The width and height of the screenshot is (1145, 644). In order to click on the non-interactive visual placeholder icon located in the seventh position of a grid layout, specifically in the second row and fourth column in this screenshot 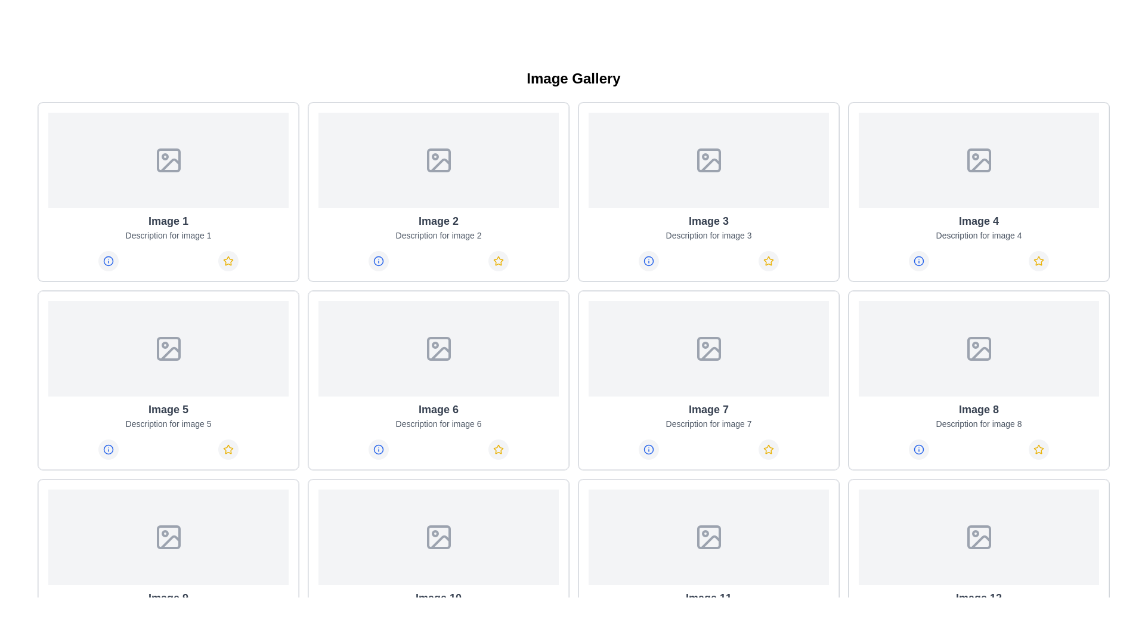, I will do `click(708, 349)`.